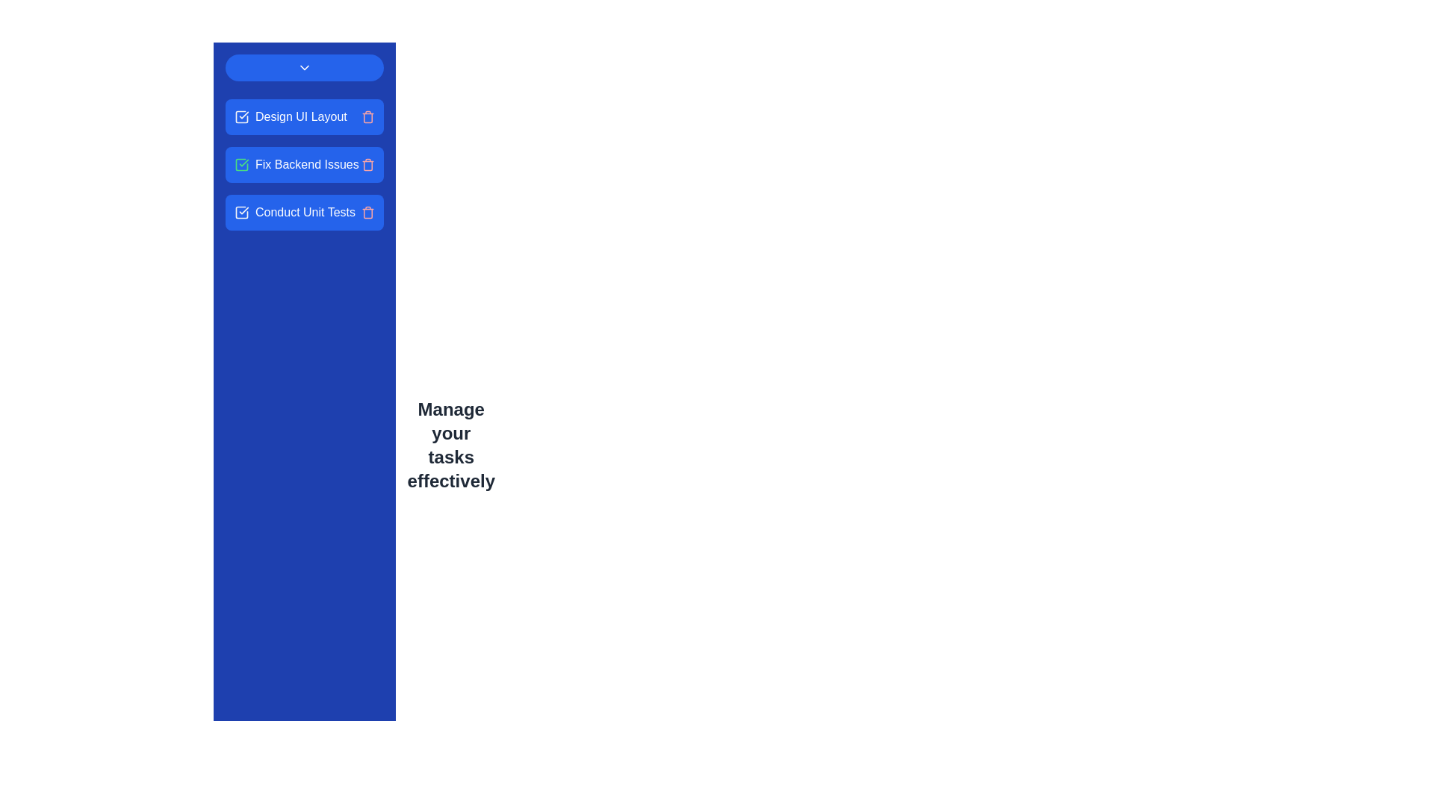 The image size is (1434, 806). Describe the element at coordinates (367, 164) in the screenshot. I see `the blue garbage bin icon located next to the 'Fix Backend Issues' text` at that location.